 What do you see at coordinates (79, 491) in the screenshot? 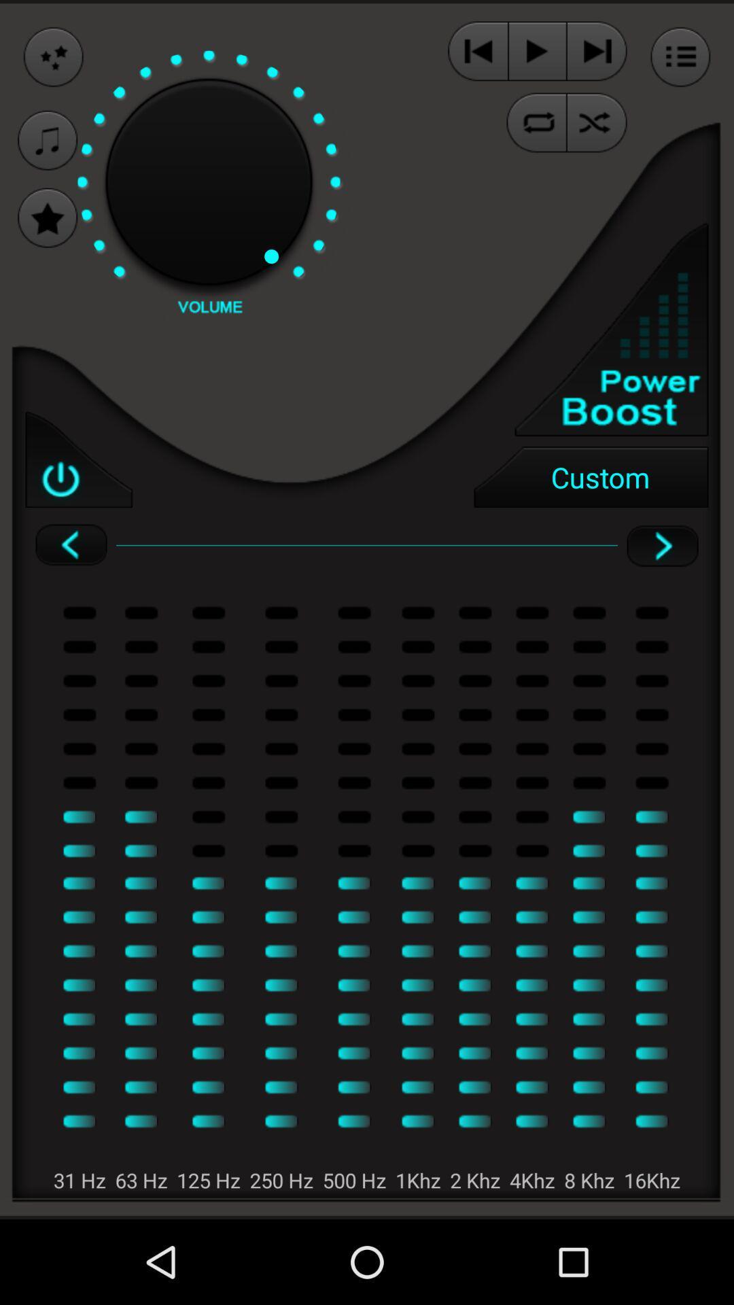
I see `the power icon` at bounding box center [79, 491].